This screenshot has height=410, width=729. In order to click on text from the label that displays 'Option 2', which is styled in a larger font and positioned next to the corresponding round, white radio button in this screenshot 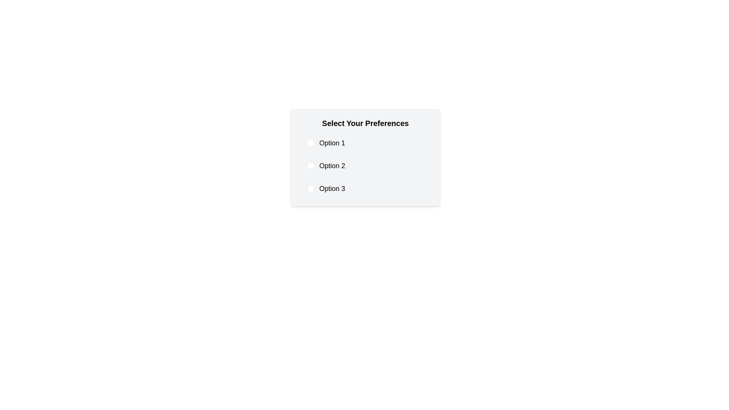, I will do `click(332, 165)`.